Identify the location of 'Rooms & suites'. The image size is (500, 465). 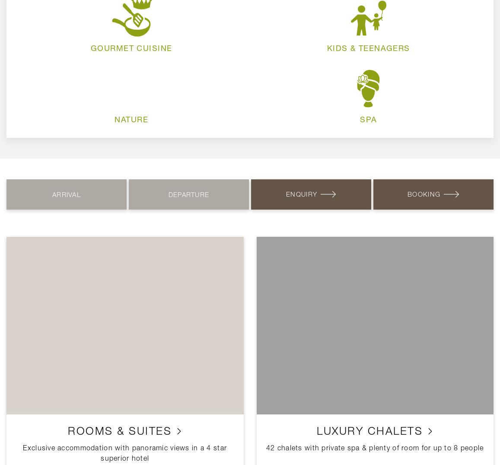
(121, 430).